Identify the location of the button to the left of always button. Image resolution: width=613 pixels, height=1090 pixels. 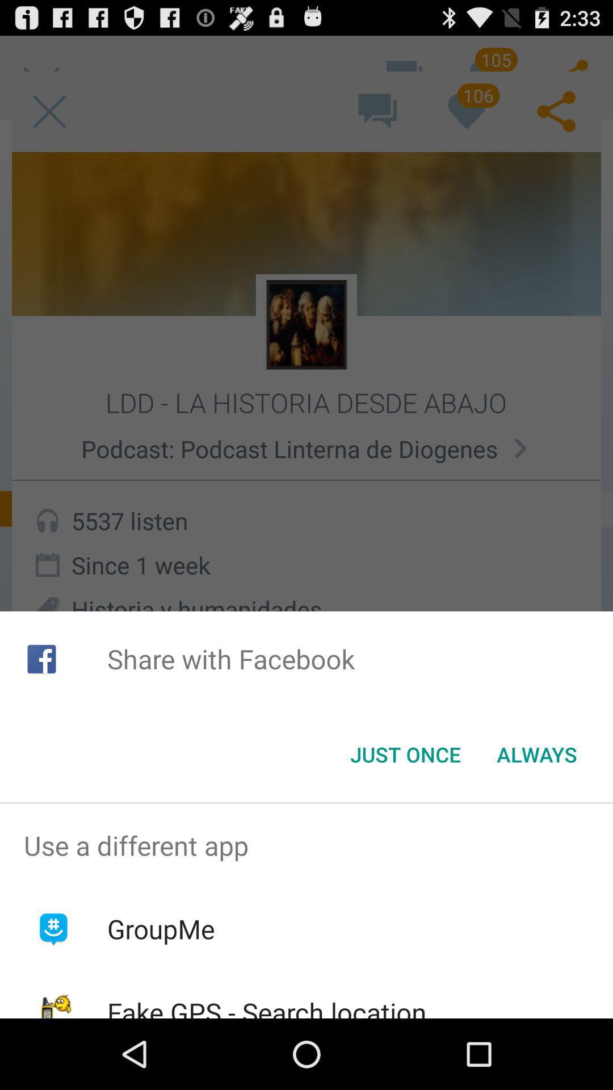
(405, 754).